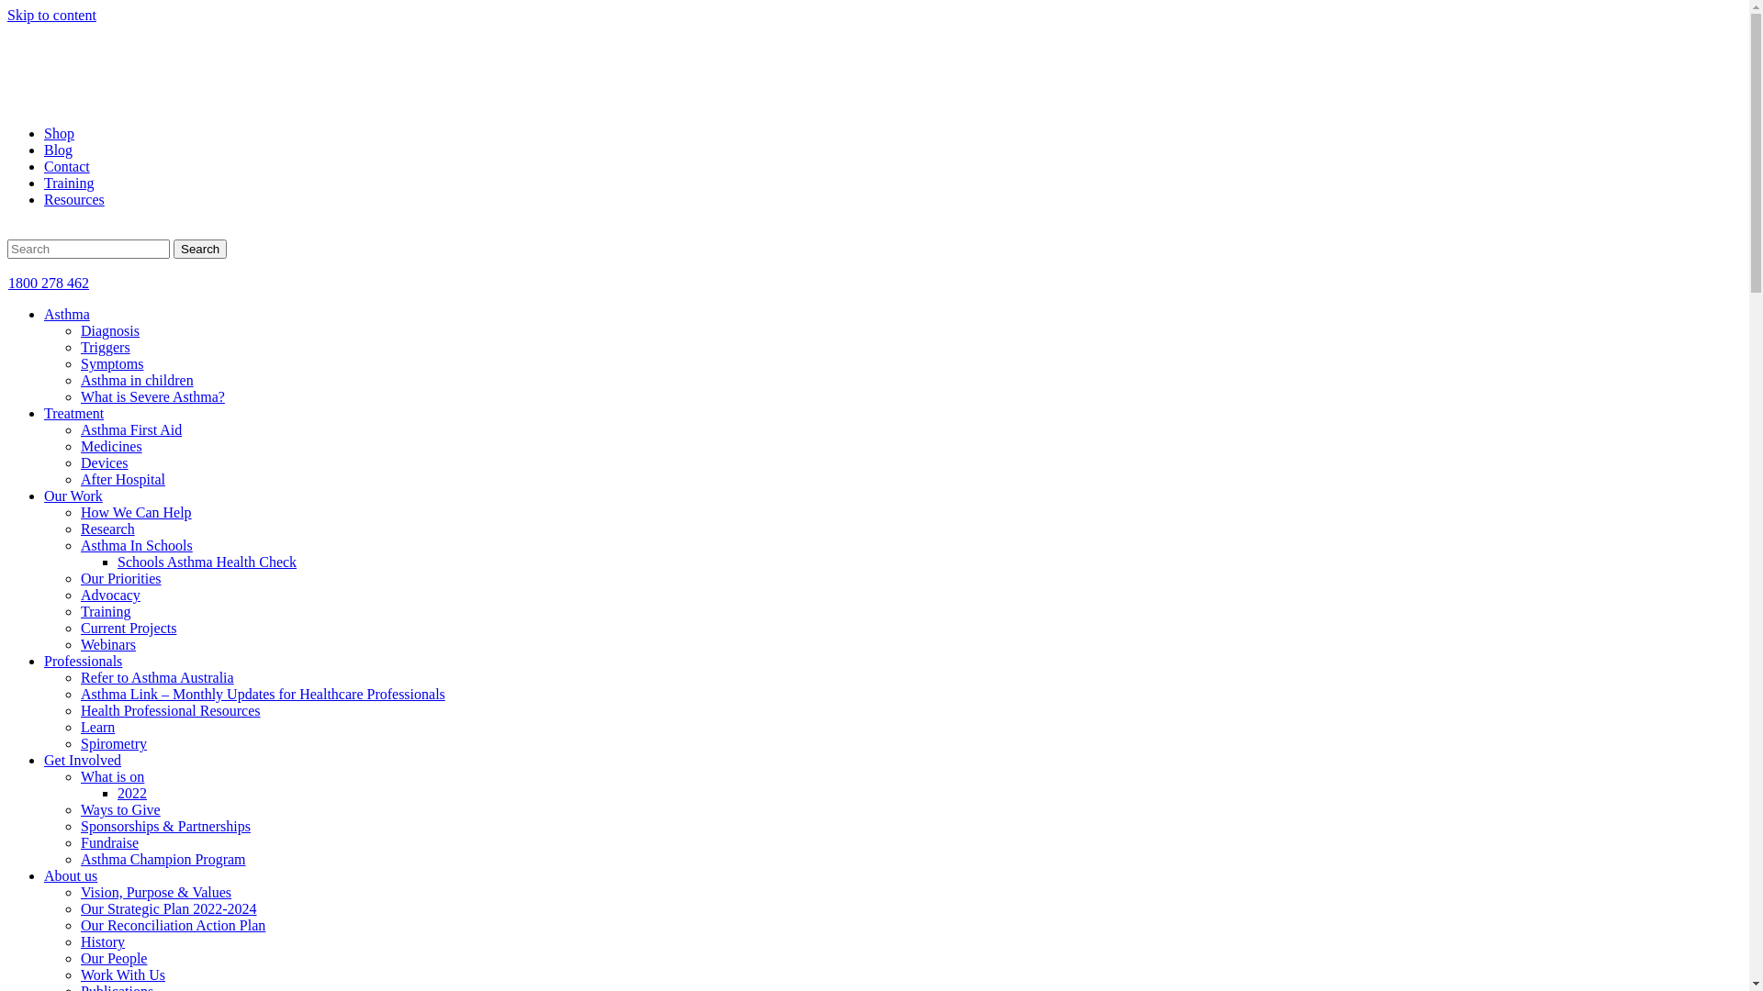 Image resolution: width=1763 pixels, height=991 pixels. What do you see at coordinates (59, 132) in the screenshot?
I see `'Shop'` at bounding box center [59, 132].